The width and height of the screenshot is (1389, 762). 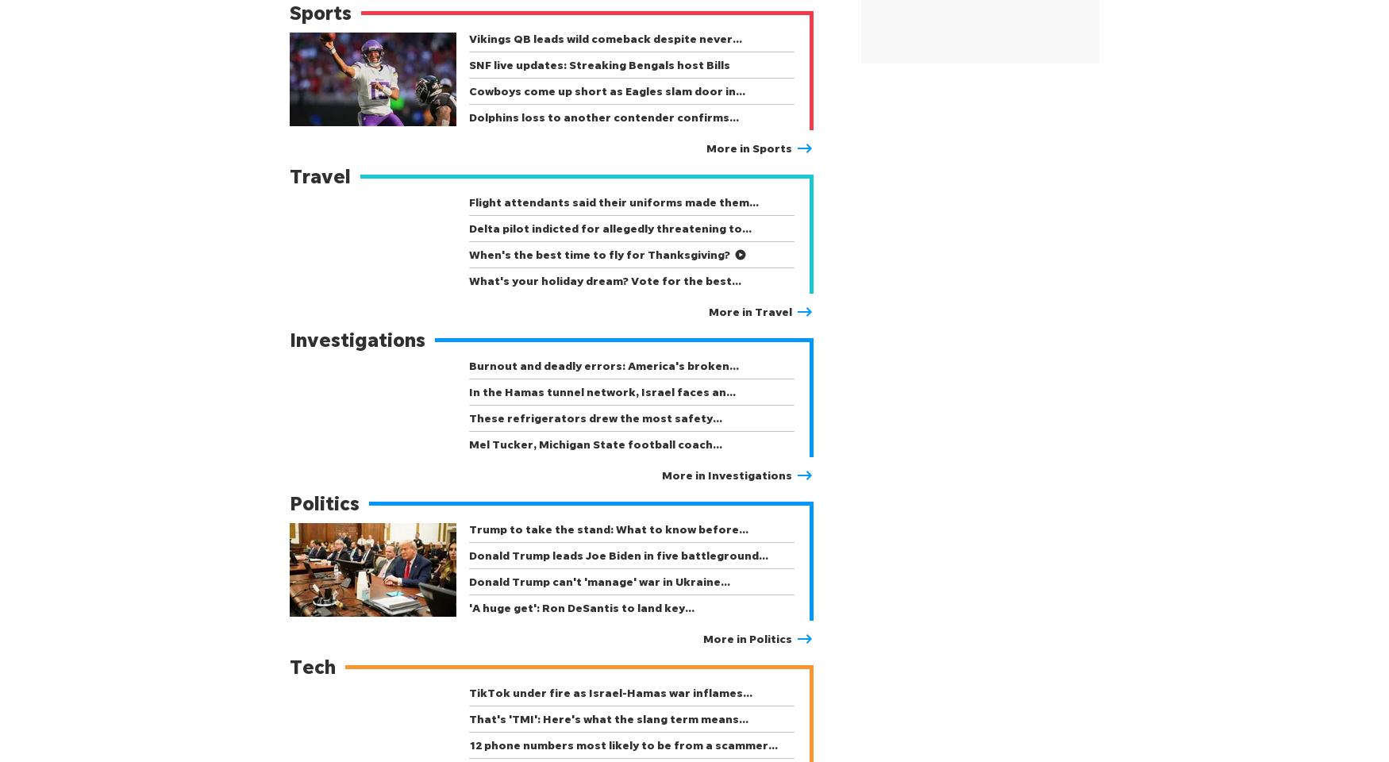 I want to click on 'When's the best time to fly for Thanksgiving?', so click(x=598, y=254).